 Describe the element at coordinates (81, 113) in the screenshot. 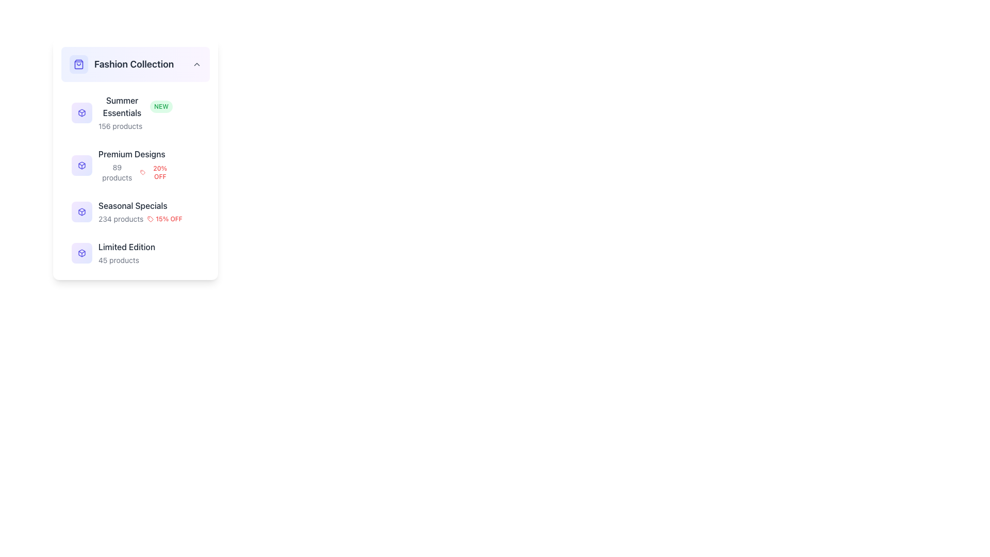

I see `the indigo cube-shaped icon within the 'Fashion Collection' menu, which represents 'Summer Essentials'` at that location.